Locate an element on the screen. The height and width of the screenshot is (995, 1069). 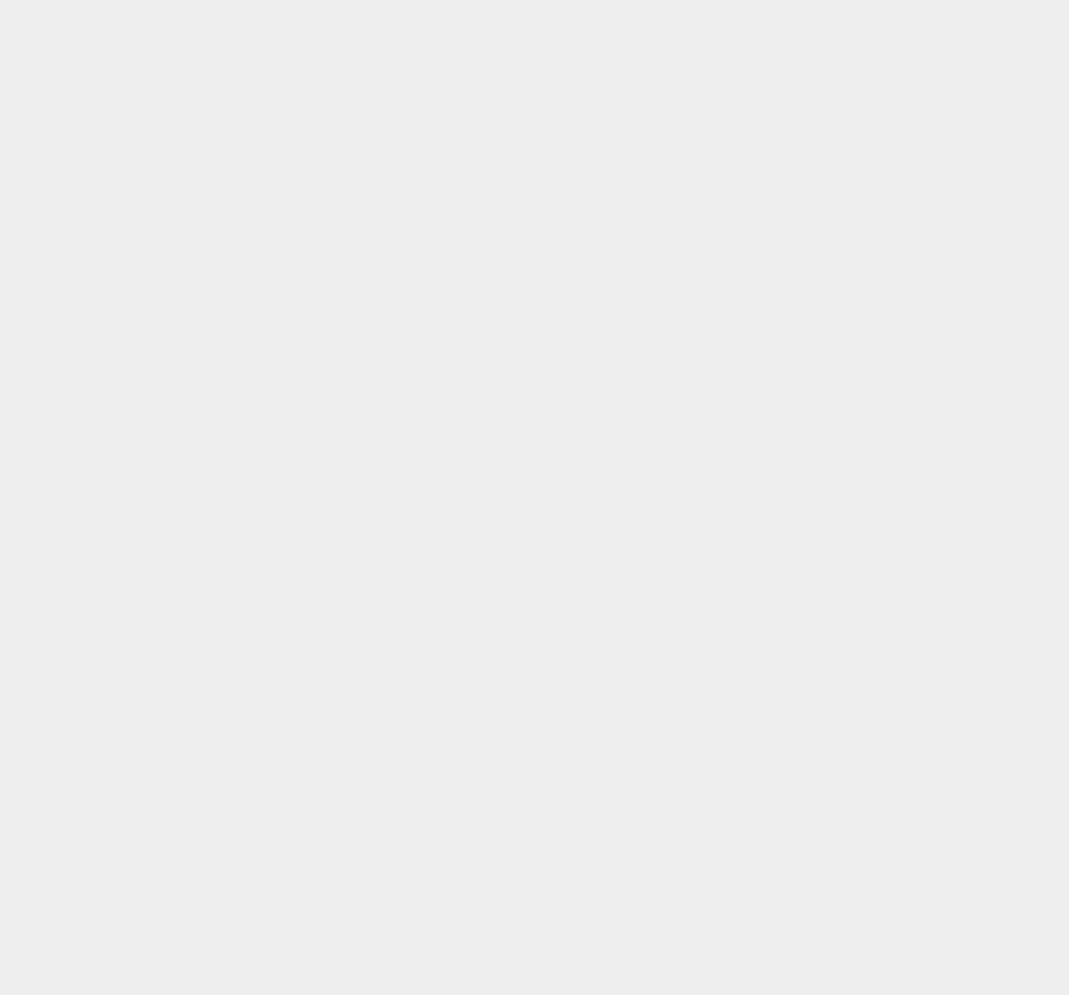
'Jitterbug Touch' is located at coordinates (800, 898).